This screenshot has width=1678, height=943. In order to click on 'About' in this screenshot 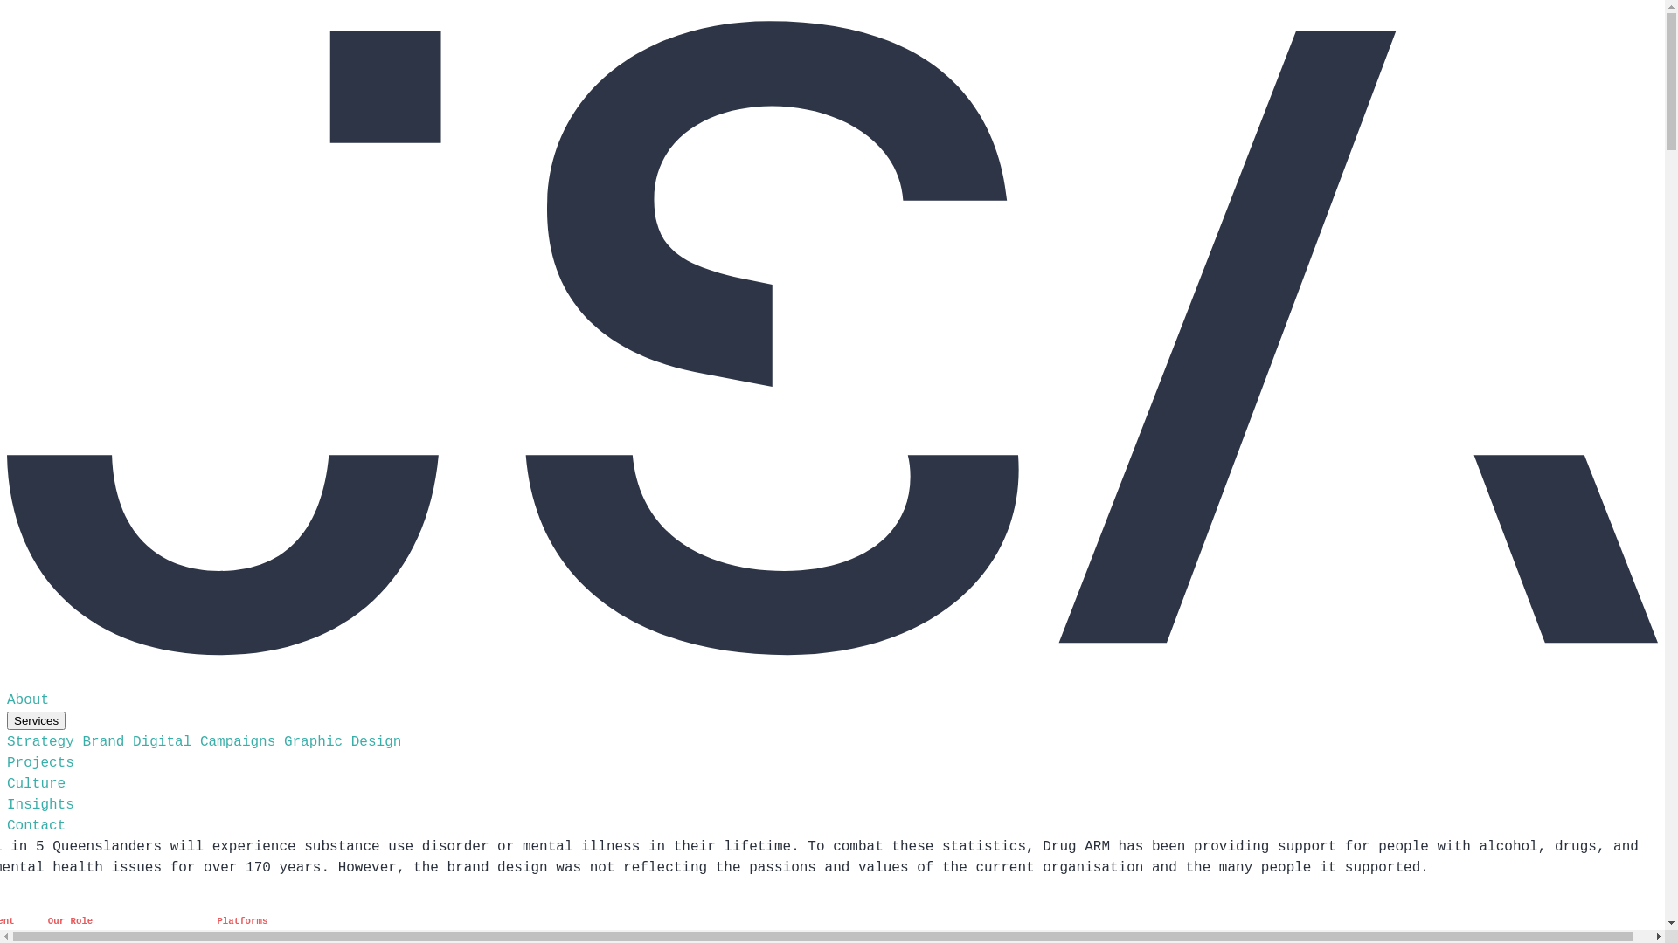, I will do `click(28, 699)`.